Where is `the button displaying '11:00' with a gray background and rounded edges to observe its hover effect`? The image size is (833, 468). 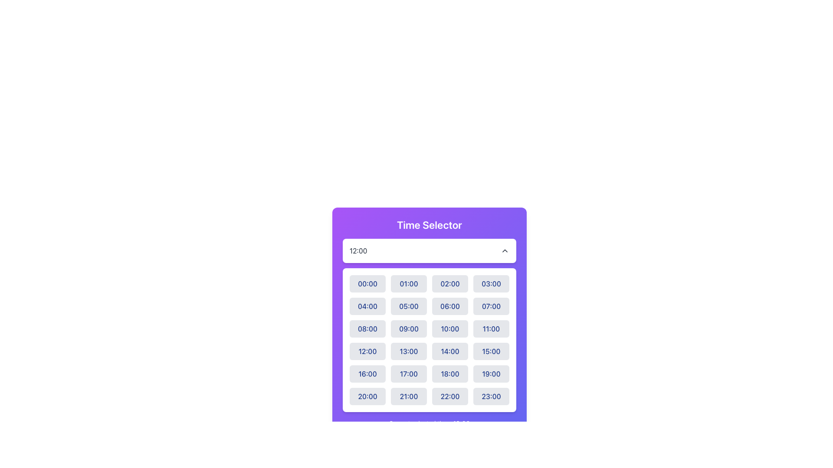
the button displaying '11:00' with a gray background and rounded edges to observe its hover effect is located at coordinates (491, 329).